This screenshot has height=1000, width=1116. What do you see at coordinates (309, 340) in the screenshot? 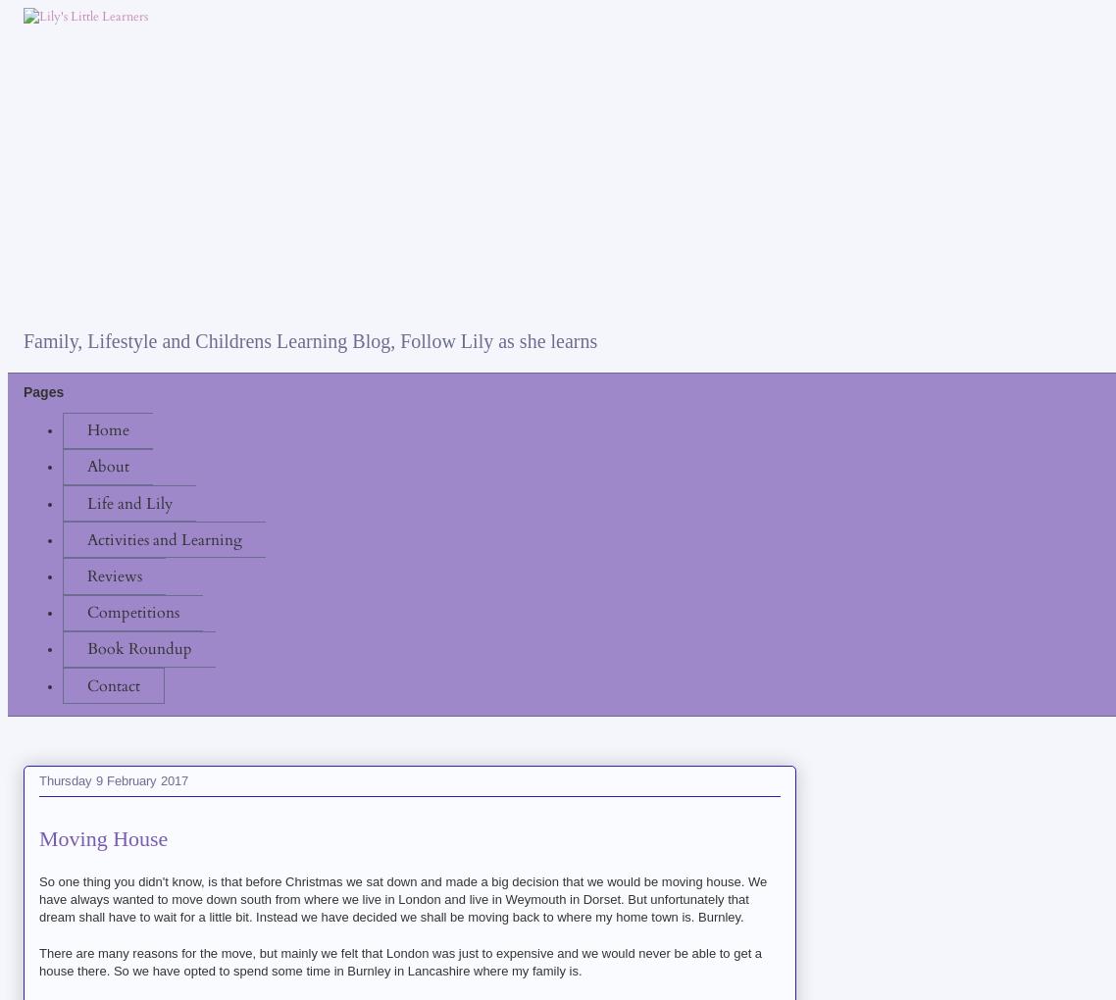
I see `'Family, Lifestyle and Childrens Learning Blog, Follow Lily as she learns'` at bounding box center [309, 340].